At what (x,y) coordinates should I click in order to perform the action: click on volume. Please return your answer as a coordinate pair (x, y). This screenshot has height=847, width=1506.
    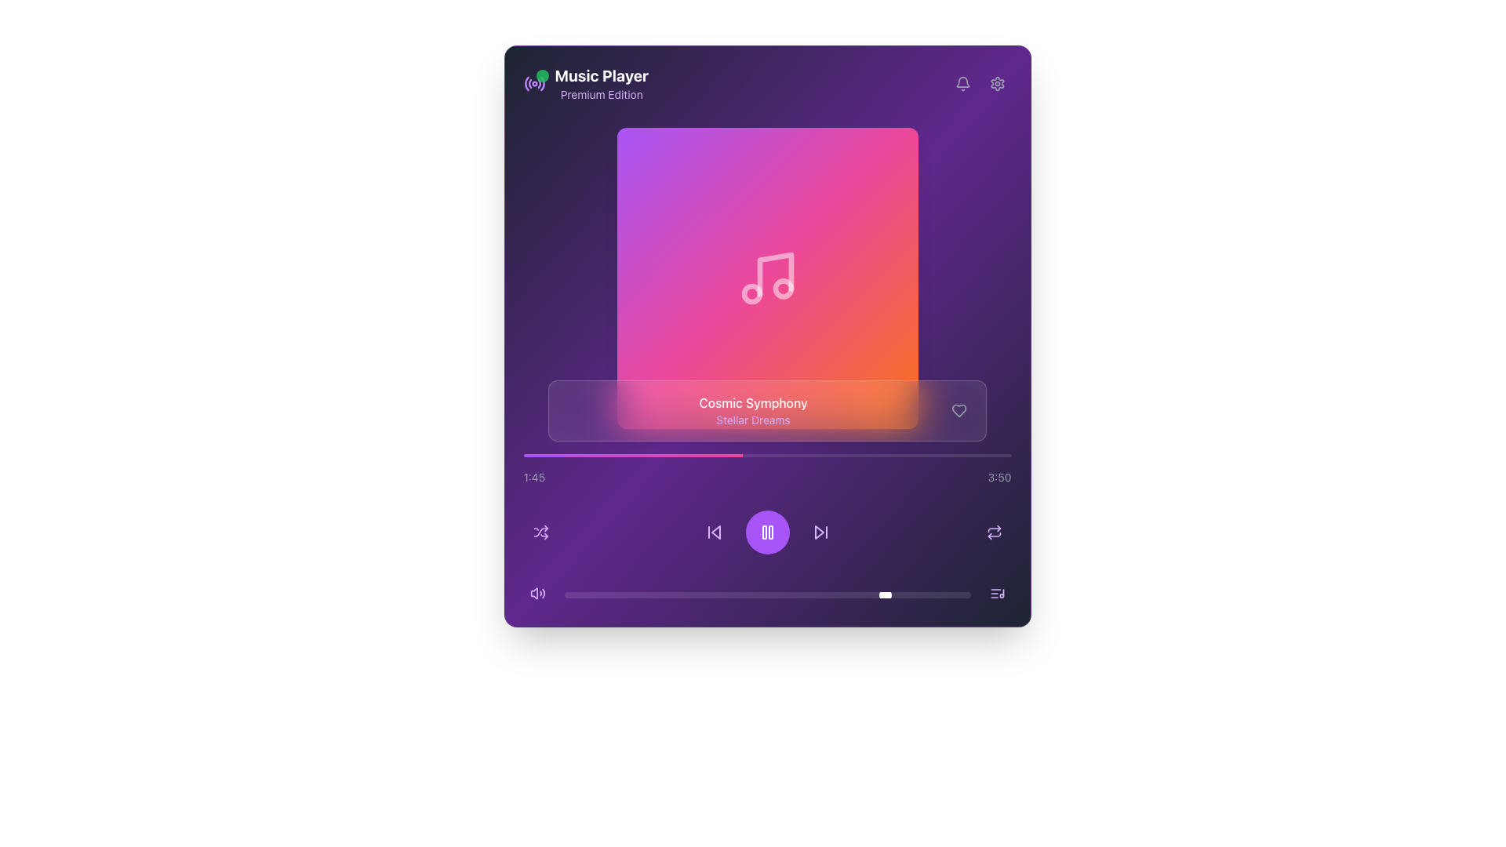
    Looking at the image, I should click on (819, 595).